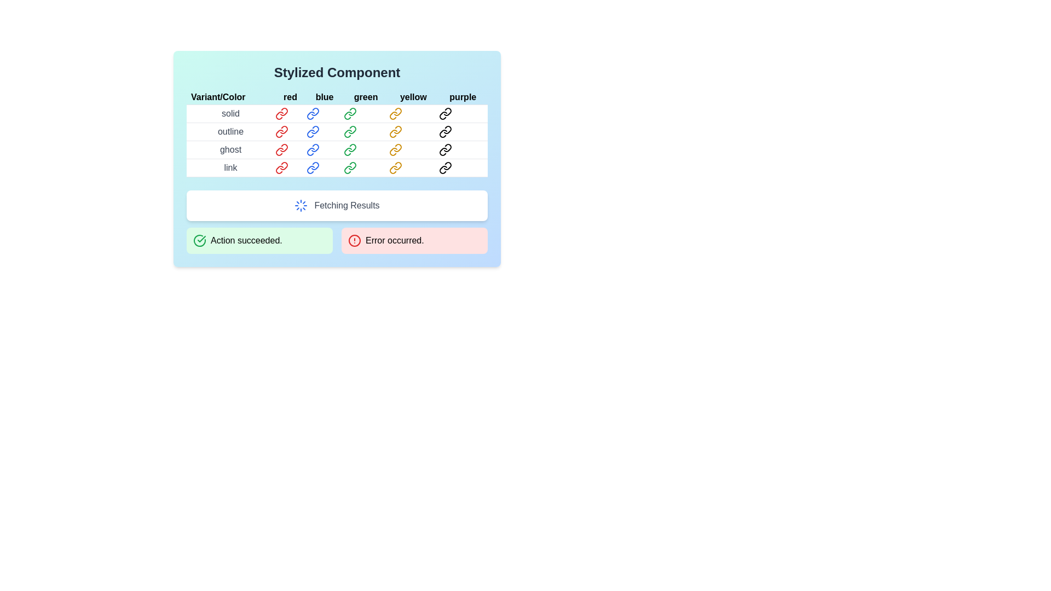 The image size is (1051, 591). I want to click on first row of the table which displays links with a 'solid' style, located under the table header and above other variant rows, so click(336, 114).